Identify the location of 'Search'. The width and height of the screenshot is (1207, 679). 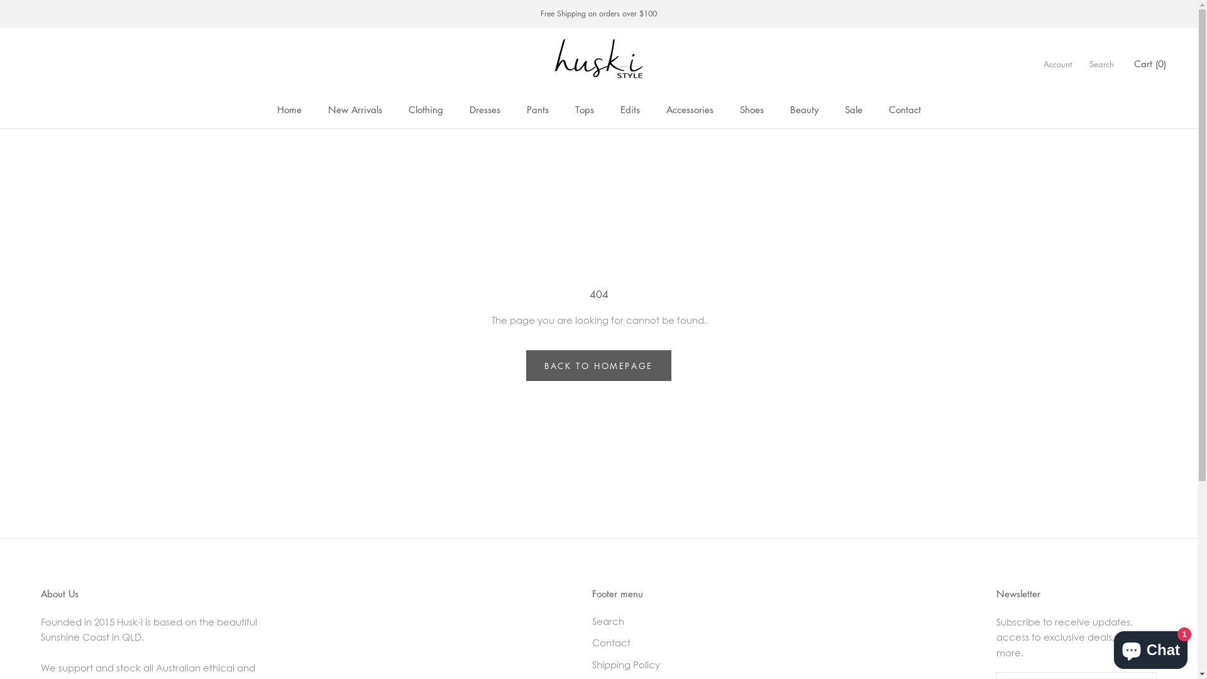
(629, 621).